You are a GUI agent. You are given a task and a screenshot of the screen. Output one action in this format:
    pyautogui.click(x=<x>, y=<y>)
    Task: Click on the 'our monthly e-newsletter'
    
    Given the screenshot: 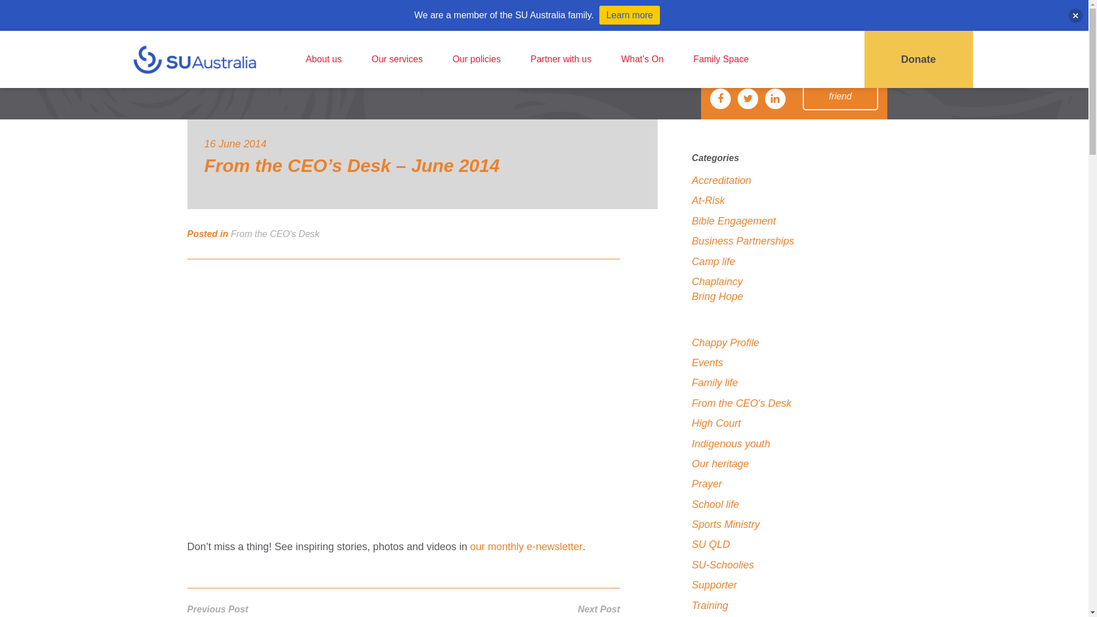 What is the action you would take?
    pyautogui.click(x=526, y=546)
    